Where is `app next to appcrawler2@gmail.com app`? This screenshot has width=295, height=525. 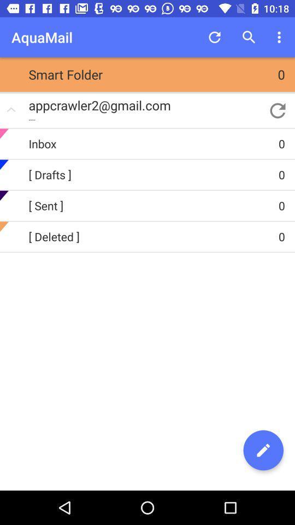
app next to appcrawler2@gmail.com app is located at coordinates (278, 110).